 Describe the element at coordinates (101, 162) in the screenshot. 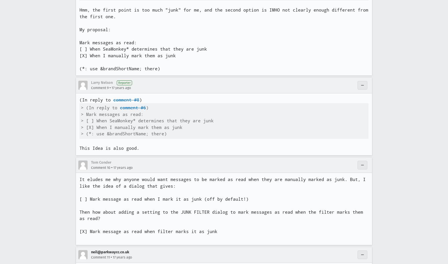

I see `'Tom Conder'` at that location.